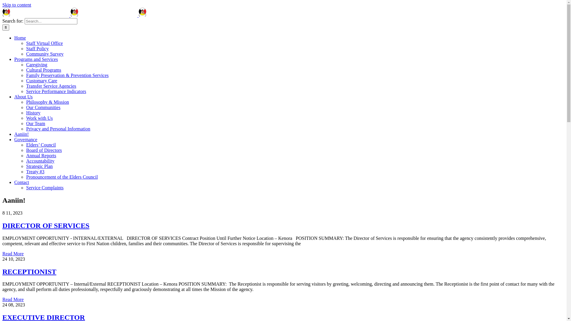 The width and height of the screenshot is (571, 321). What do you see at coordinates (21, 182) in the screenshot?
I see `'Contact'` at bounding box center [21, 182].